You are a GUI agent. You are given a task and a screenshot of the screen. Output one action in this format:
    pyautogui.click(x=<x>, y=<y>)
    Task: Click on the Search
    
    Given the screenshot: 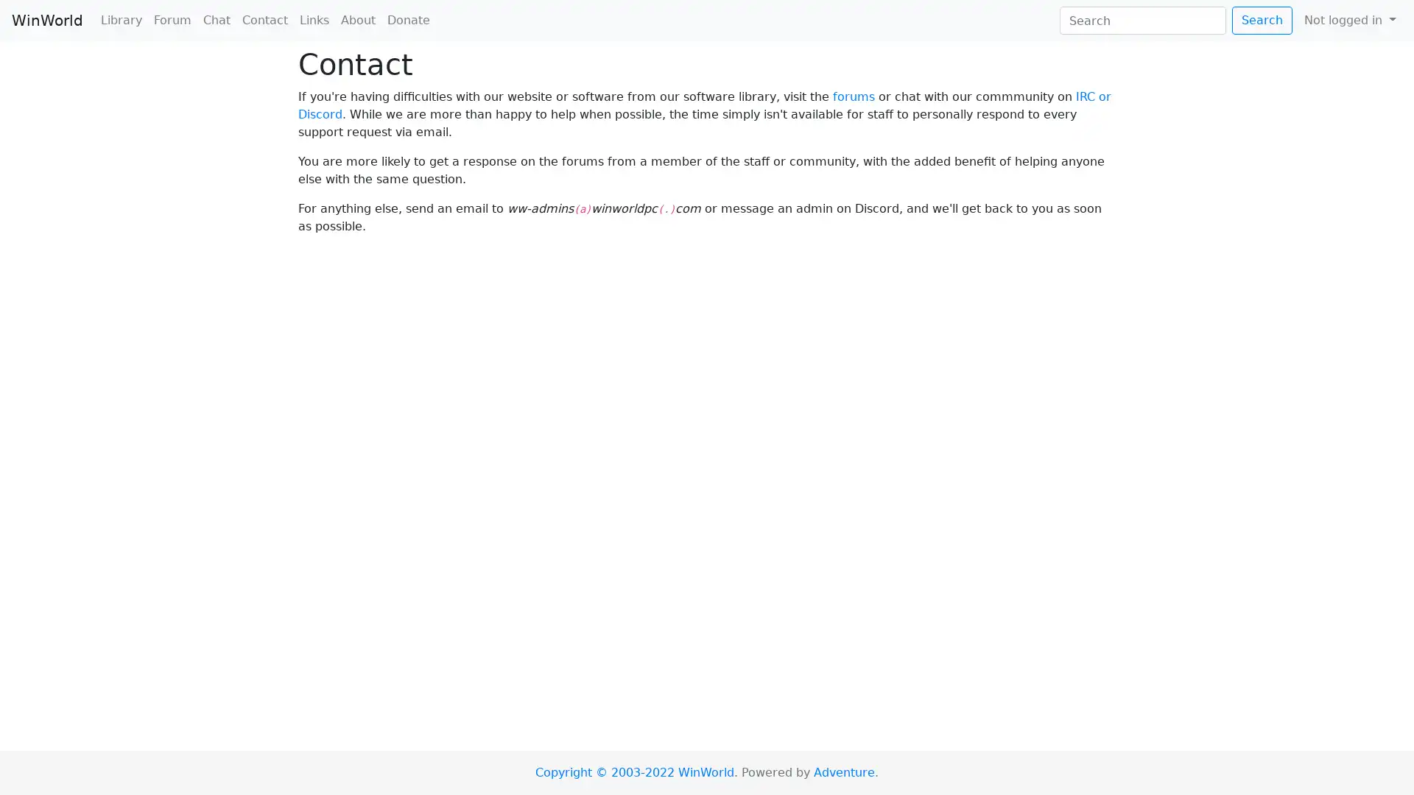 What is the action you would take?
    pyautogui.click(x=1261, y=20)
    